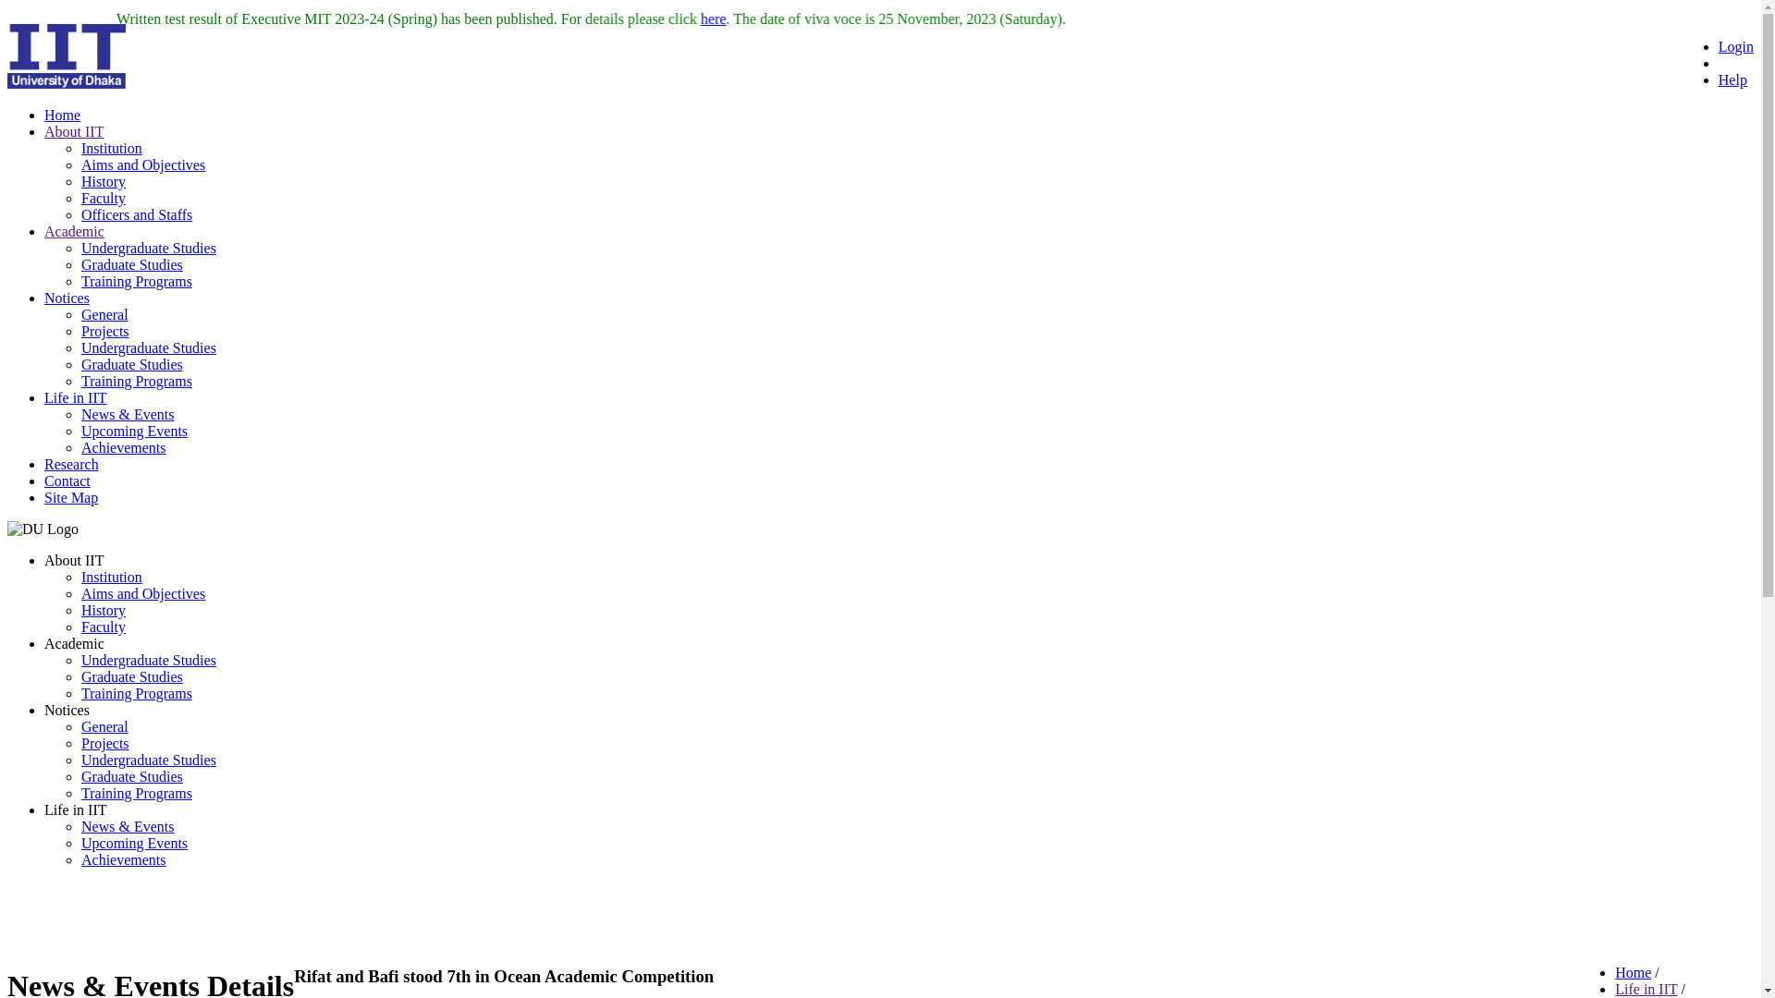 The height and width of the screenshot is (998, 1775). Describe the element at coordinates (102, 626) in the screenshot. I see `'Faculty'` at that location.